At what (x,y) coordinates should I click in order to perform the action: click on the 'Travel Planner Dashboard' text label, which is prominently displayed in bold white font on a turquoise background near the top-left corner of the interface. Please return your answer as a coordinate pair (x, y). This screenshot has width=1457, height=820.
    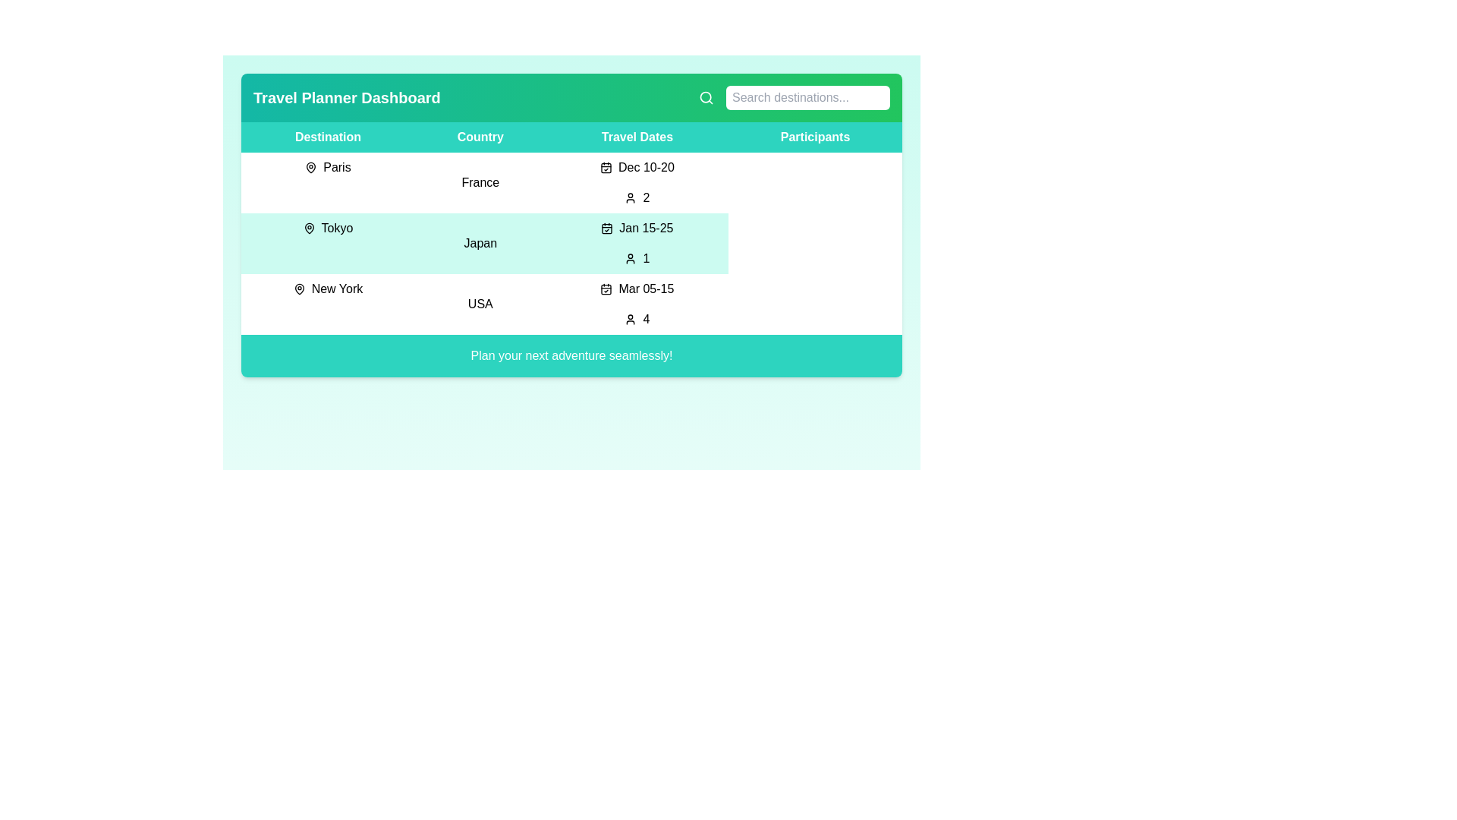
    Looking at the image, I should click on (346, 97).